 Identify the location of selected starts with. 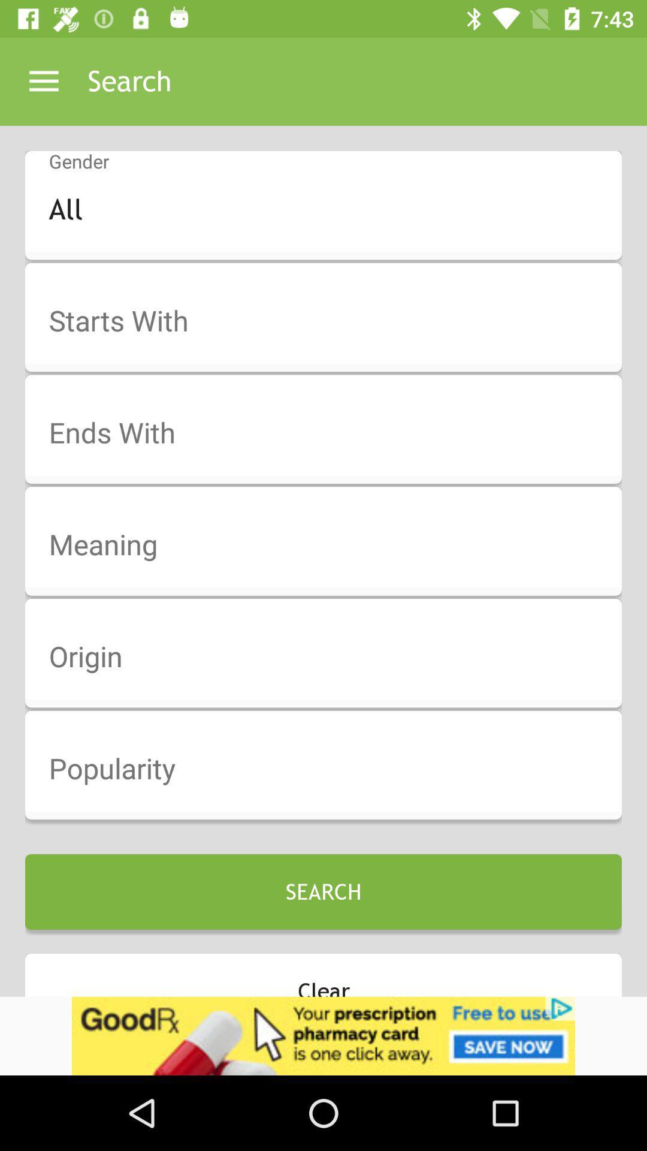
(331, 321).